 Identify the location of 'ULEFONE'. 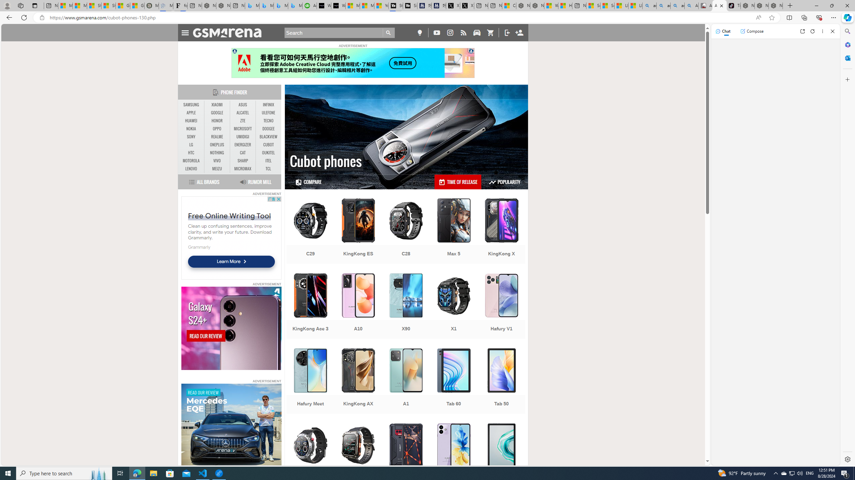
(268, 112).